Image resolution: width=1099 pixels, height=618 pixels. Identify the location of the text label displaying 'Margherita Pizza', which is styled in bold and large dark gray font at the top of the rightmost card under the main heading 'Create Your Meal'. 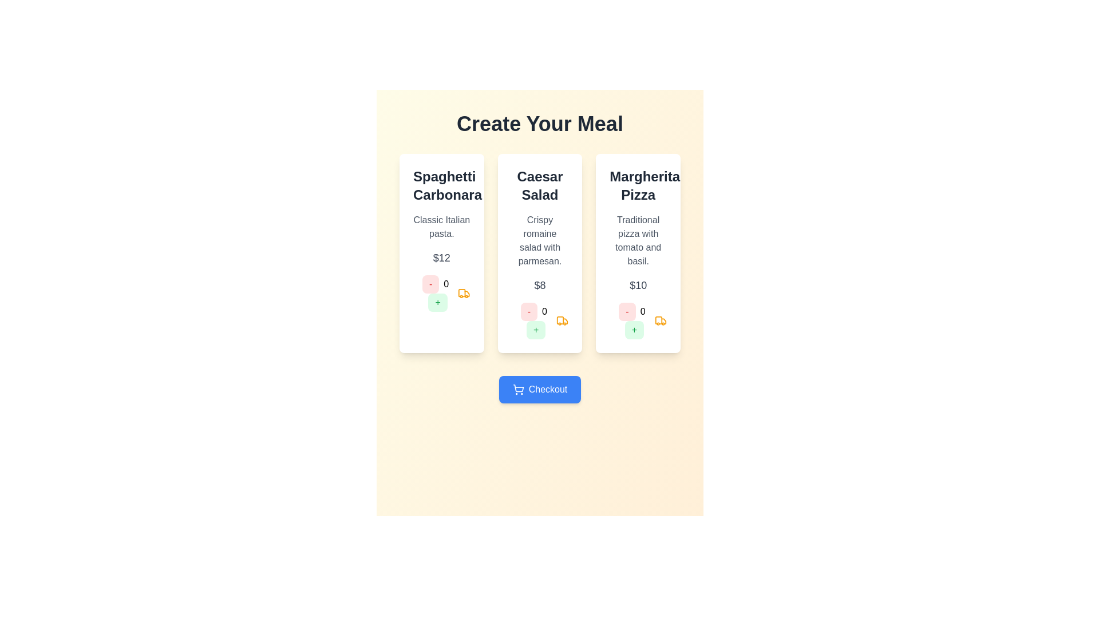
(638, 185).